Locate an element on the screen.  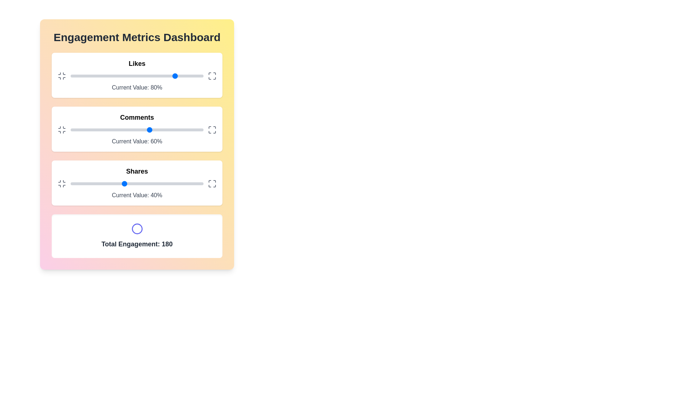
the displayed content of the Information Card that shows the total engagement metric, positioned below the Shares card in the Engagement Metrics Dashboard is located at coordinates (137, 236).